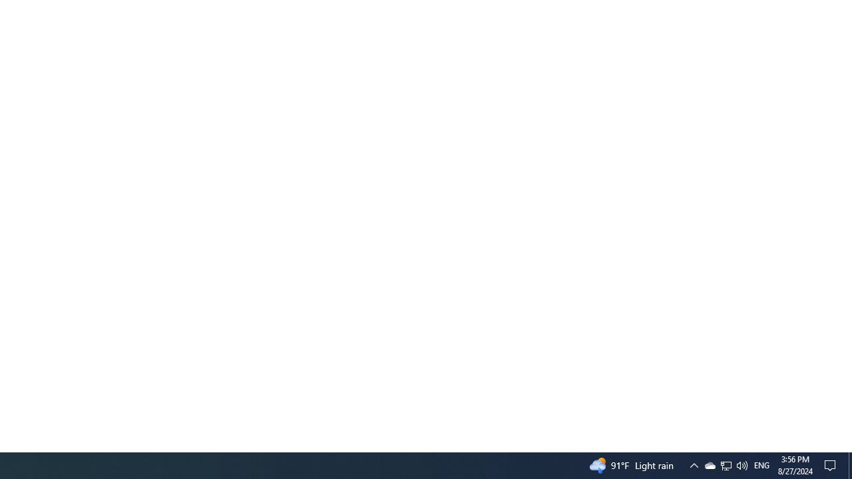 This screenshot has height=479, width=852. What do you see at coordinates (725, 464) in the screenshot?
I see `'User Promoted Notification Area'` at bounding box center [725, 464].